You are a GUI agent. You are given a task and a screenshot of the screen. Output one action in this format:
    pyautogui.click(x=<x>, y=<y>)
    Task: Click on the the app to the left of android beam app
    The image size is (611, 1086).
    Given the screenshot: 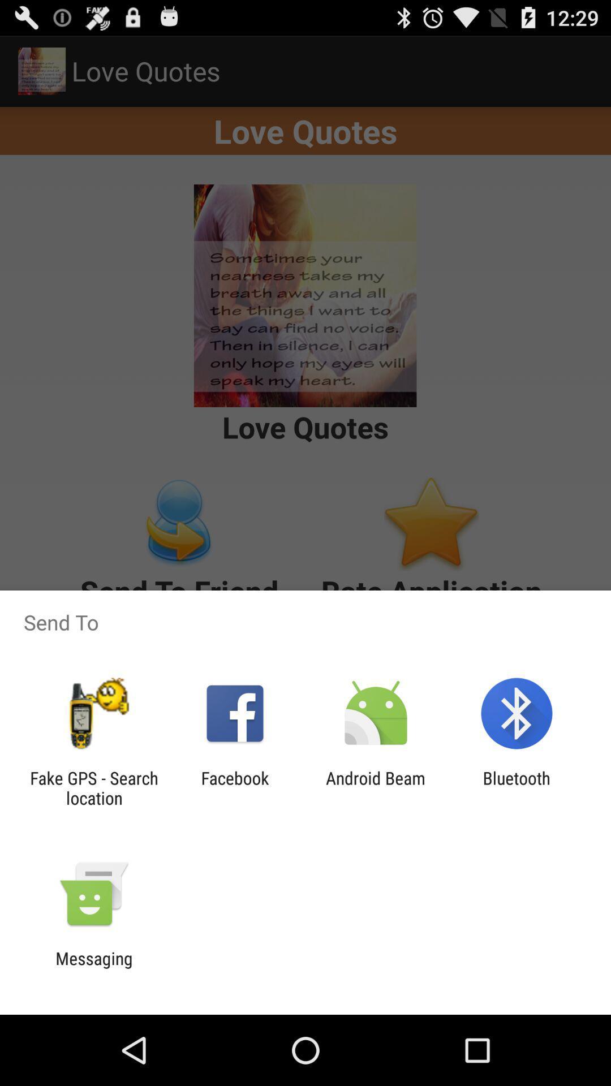 What is the action you would take?
    pyautogui.click(x=234, y=787)
    